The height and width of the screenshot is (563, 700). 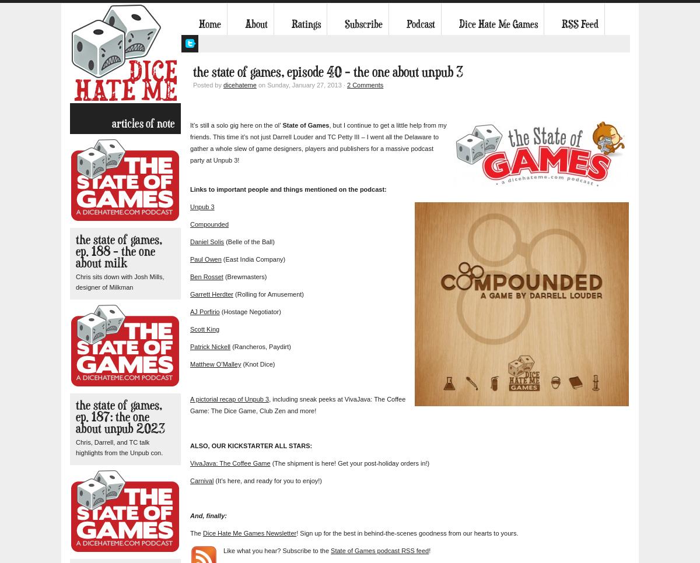 What do you see at coordinates (201, 480) in the screenshot?
I see `'Carnival'` at bounding box center [201, 480].